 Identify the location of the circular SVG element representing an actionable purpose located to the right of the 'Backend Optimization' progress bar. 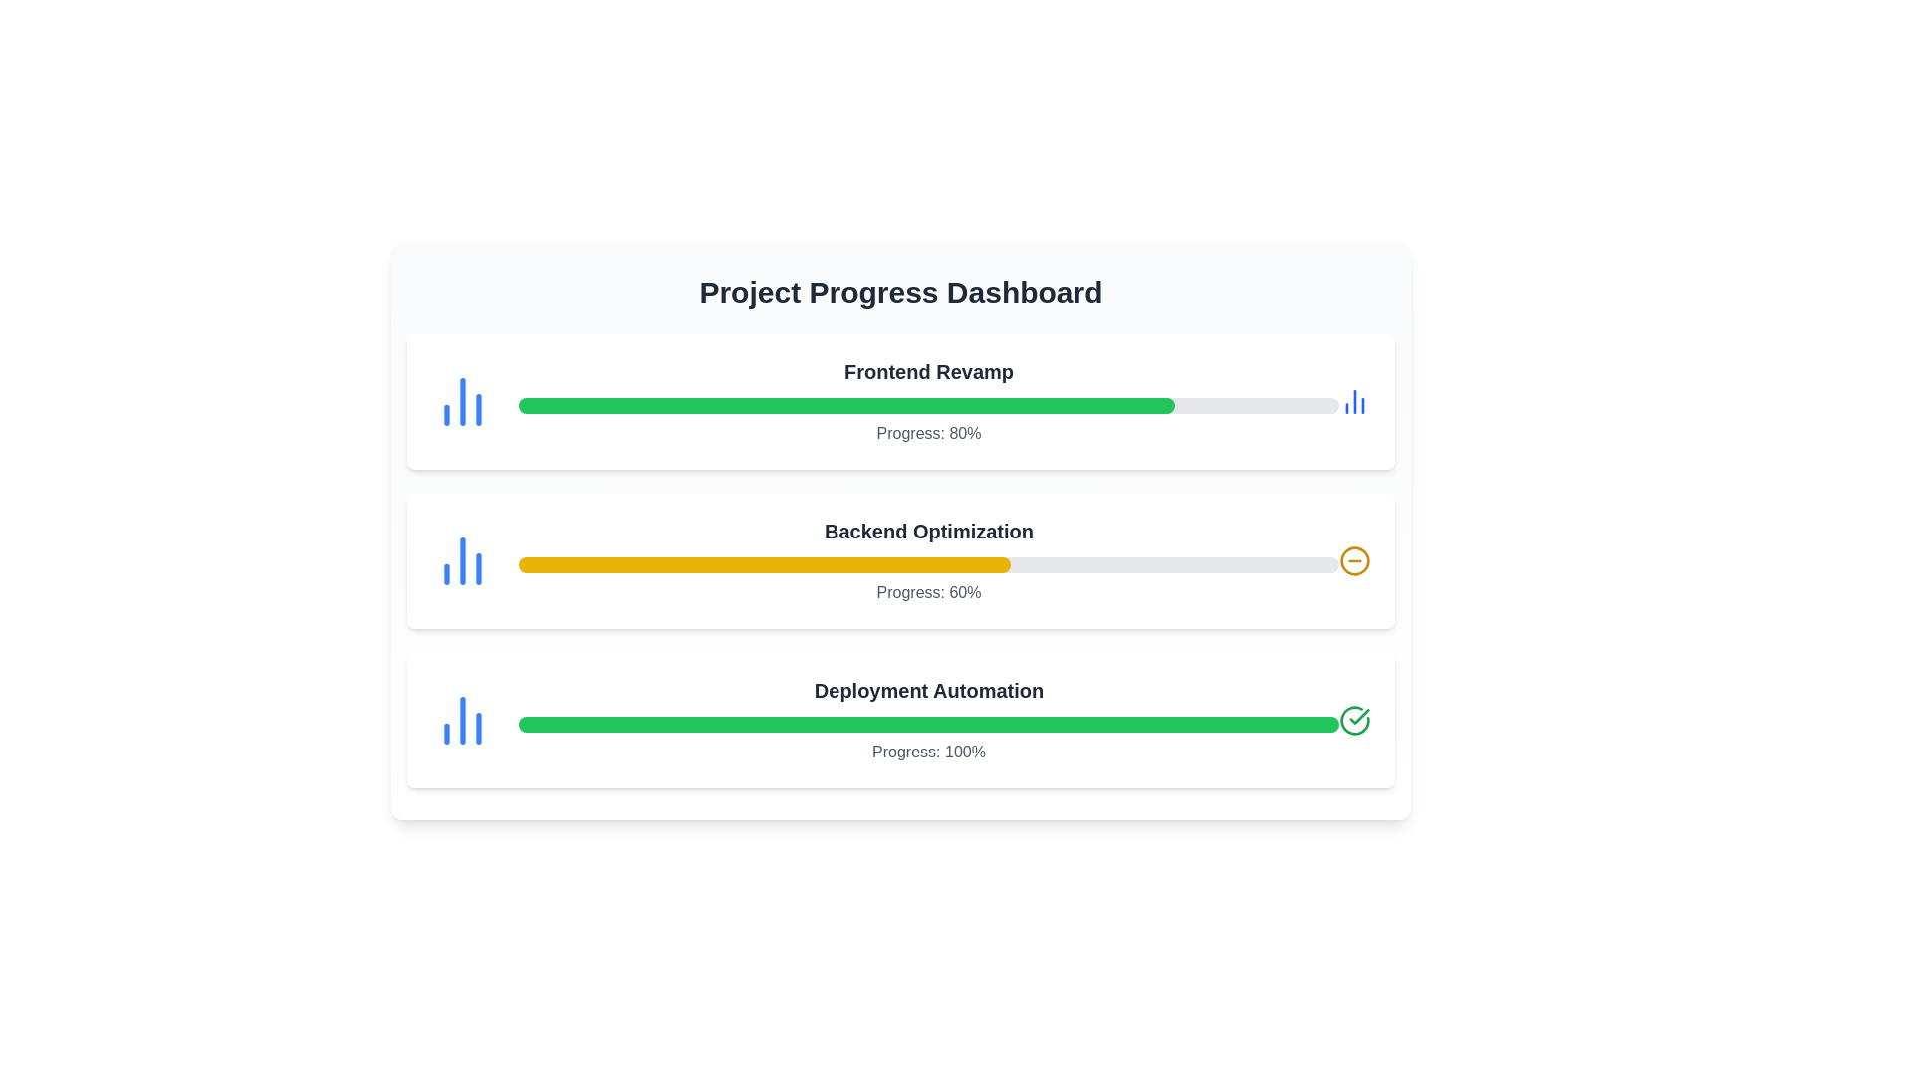
(1354, 560).